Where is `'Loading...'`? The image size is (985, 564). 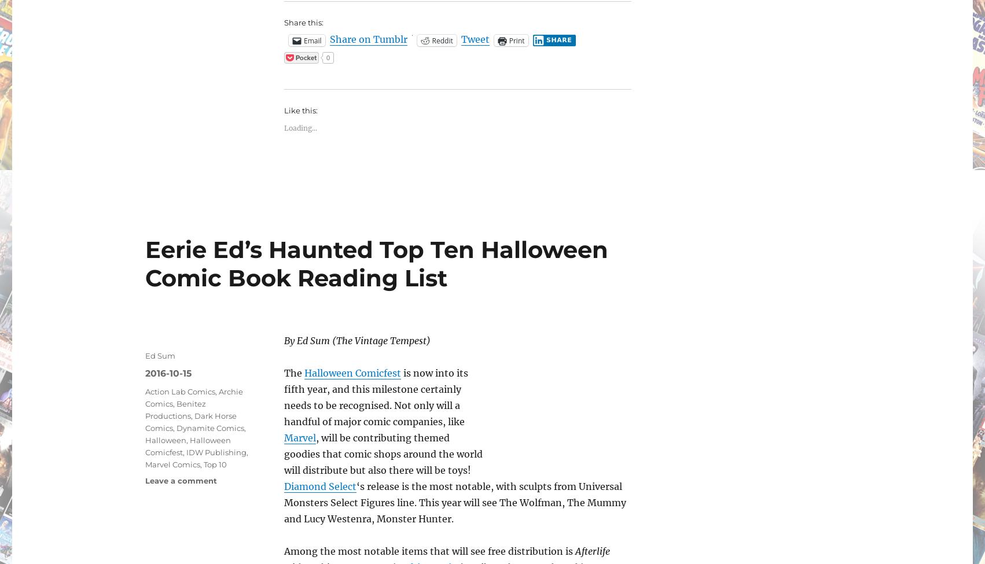 'Loading...' is located at coordinates (300, 128).